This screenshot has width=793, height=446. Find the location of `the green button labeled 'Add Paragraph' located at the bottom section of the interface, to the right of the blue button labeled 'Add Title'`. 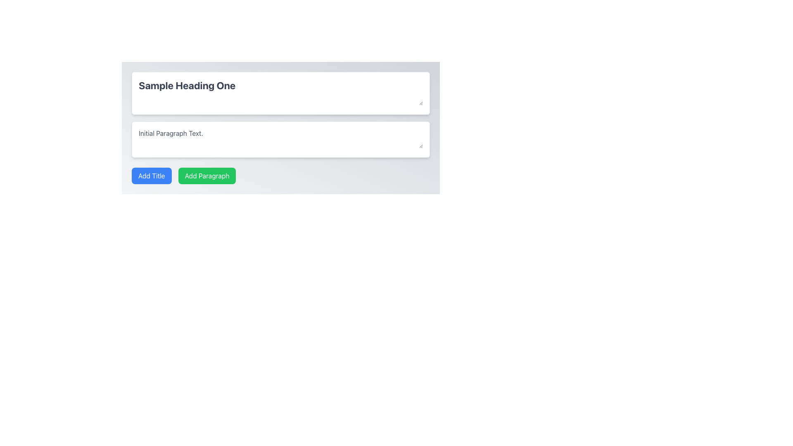

the green button labeled 'Add Paragraph' located at the bottom section of the interface, to the right of the blue button labeled 'Add Title' is located at coordinates (207, 175).